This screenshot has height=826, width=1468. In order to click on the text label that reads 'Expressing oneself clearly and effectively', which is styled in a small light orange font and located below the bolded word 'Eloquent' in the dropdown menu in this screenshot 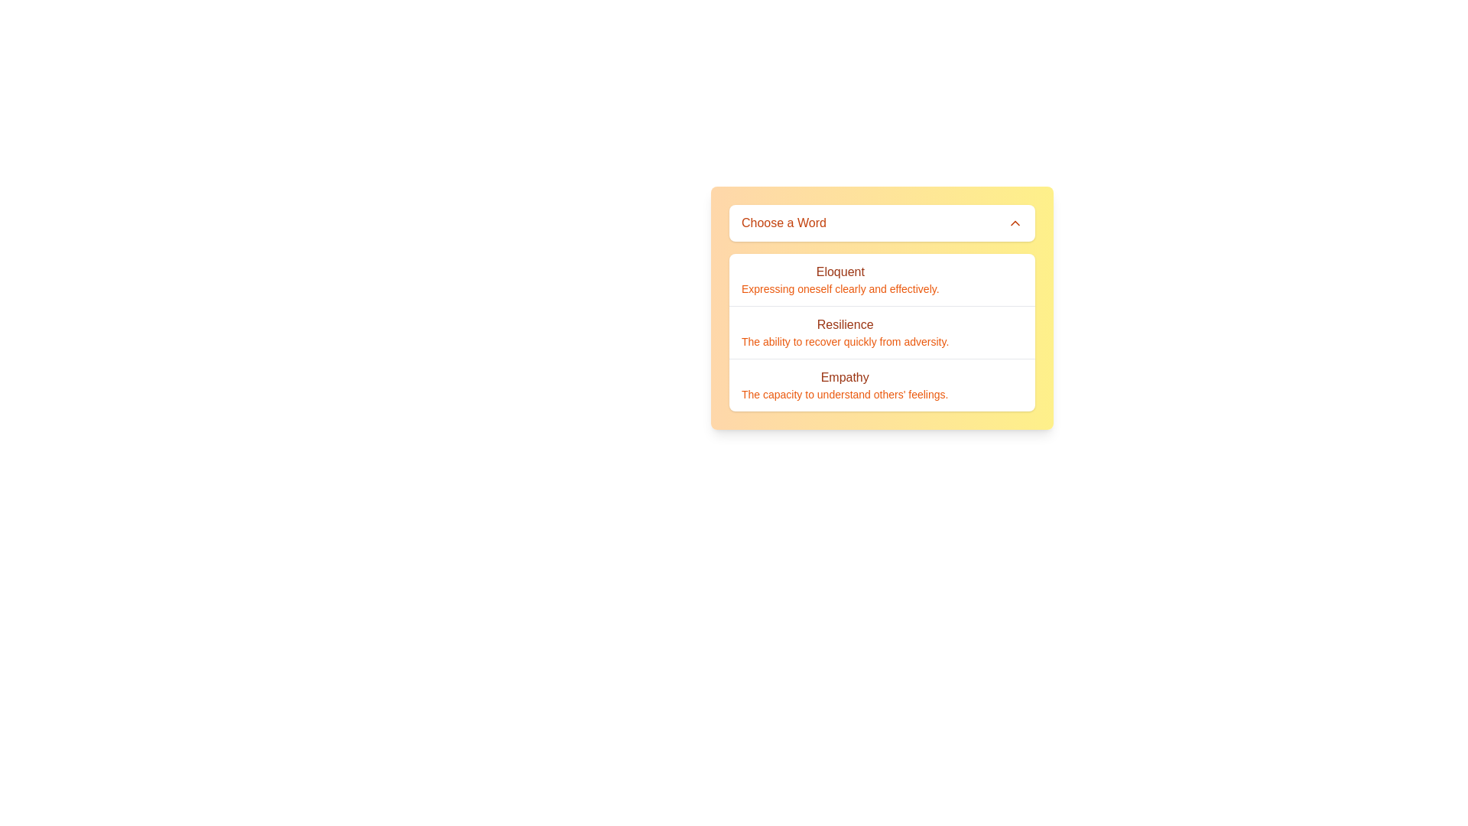, I will do `click(840, 289)`.